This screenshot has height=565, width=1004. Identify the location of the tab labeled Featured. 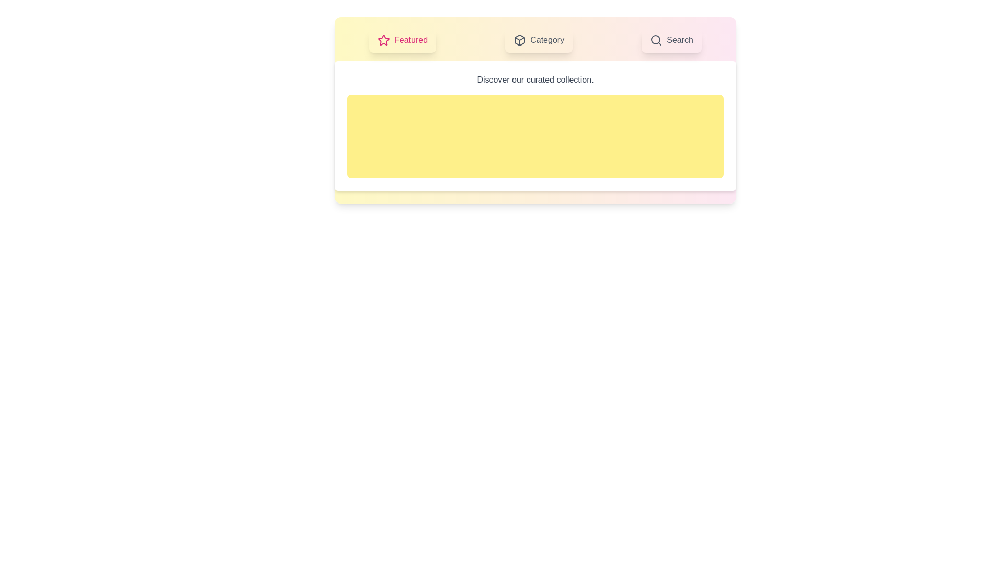
(402, 40).